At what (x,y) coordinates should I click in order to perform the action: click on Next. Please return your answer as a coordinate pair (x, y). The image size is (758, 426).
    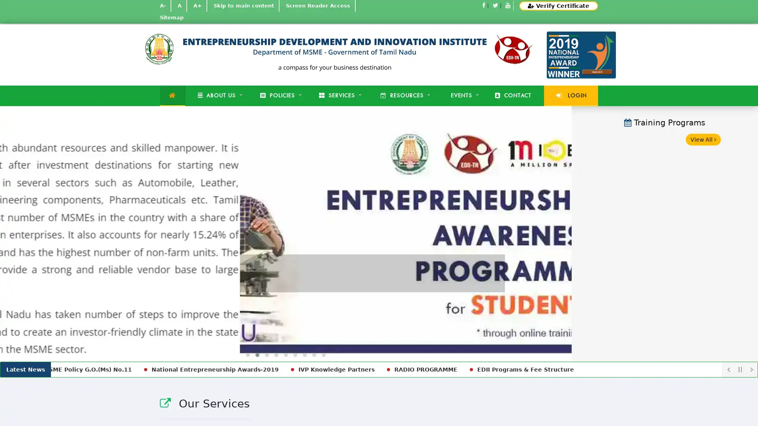
    Looking at the image, I should click on (555, 225).